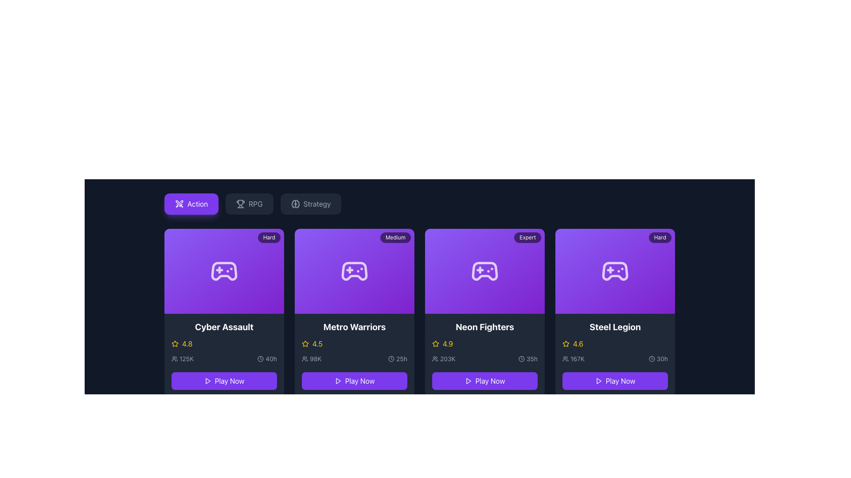  What do you see at coordinates (468, 380) in the screenshot?
I see `the chevron-shaped icon resembling a right-facing play button, which is located within the 'Play Now' button beneath the 'Neon Fighters' card` at bounding box center [468, 380].